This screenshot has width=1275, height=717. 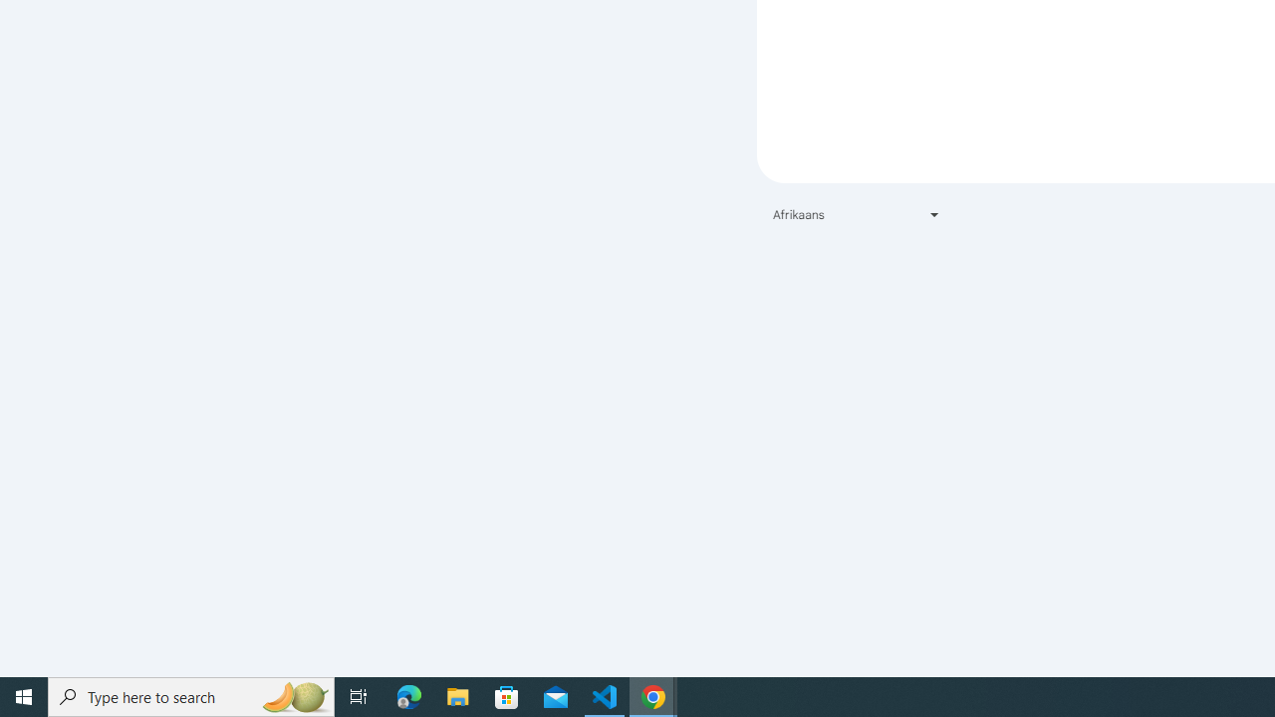 What do you see at coordinates (653, 695) in the screenshot?
I see `'Google Chrome - 2 running windows'` at bounding box center [653, 695].